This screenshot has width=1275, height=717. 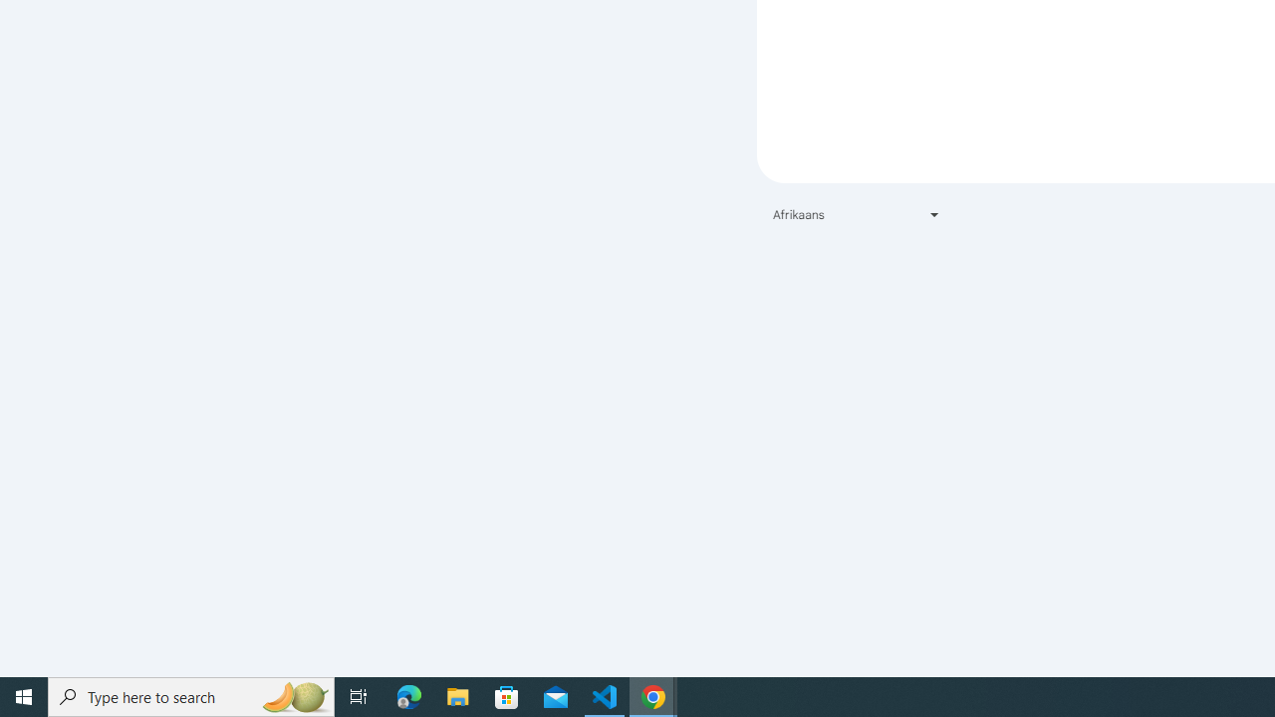 What do you see at coordinates (653, 695) in the screenshot?
I see `'Google Chrome - 2 running windows'` at bounding box center [653, 695].